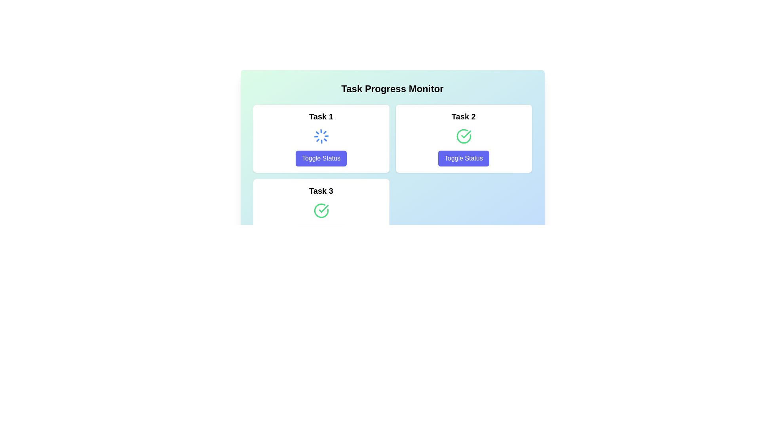 The height and width of the screenshot is (427, 760). I want to click on the Loader Icon located at the center of the 'Task 1' card, which indicates a loading state for the task, so click(321, 136).